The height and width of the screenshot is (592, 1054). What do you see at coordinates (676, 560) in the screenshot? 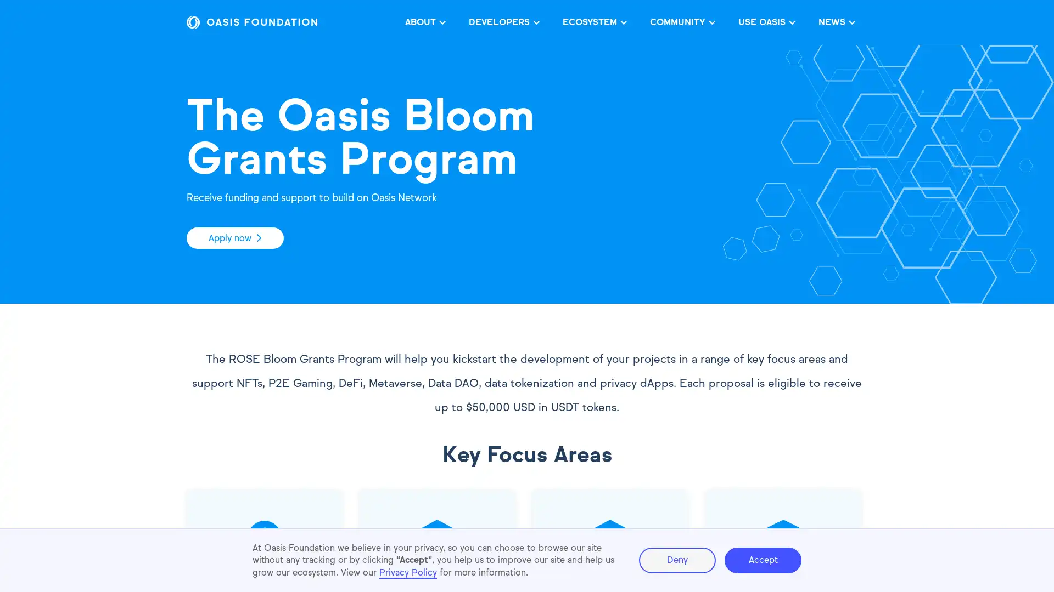
I see `Deny` at bounding box center [676, 560].